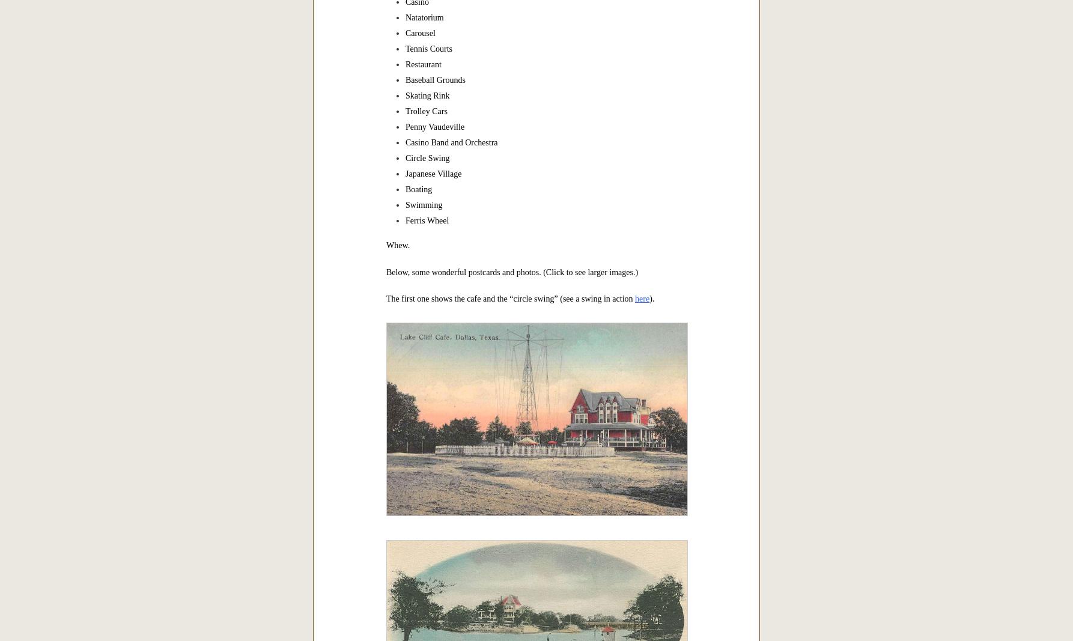 Image resolution: width=1073 pixels, height=641 pixels. Describe the element at coordinates (651, 298) in the screenshot. I see `').'` at that location.